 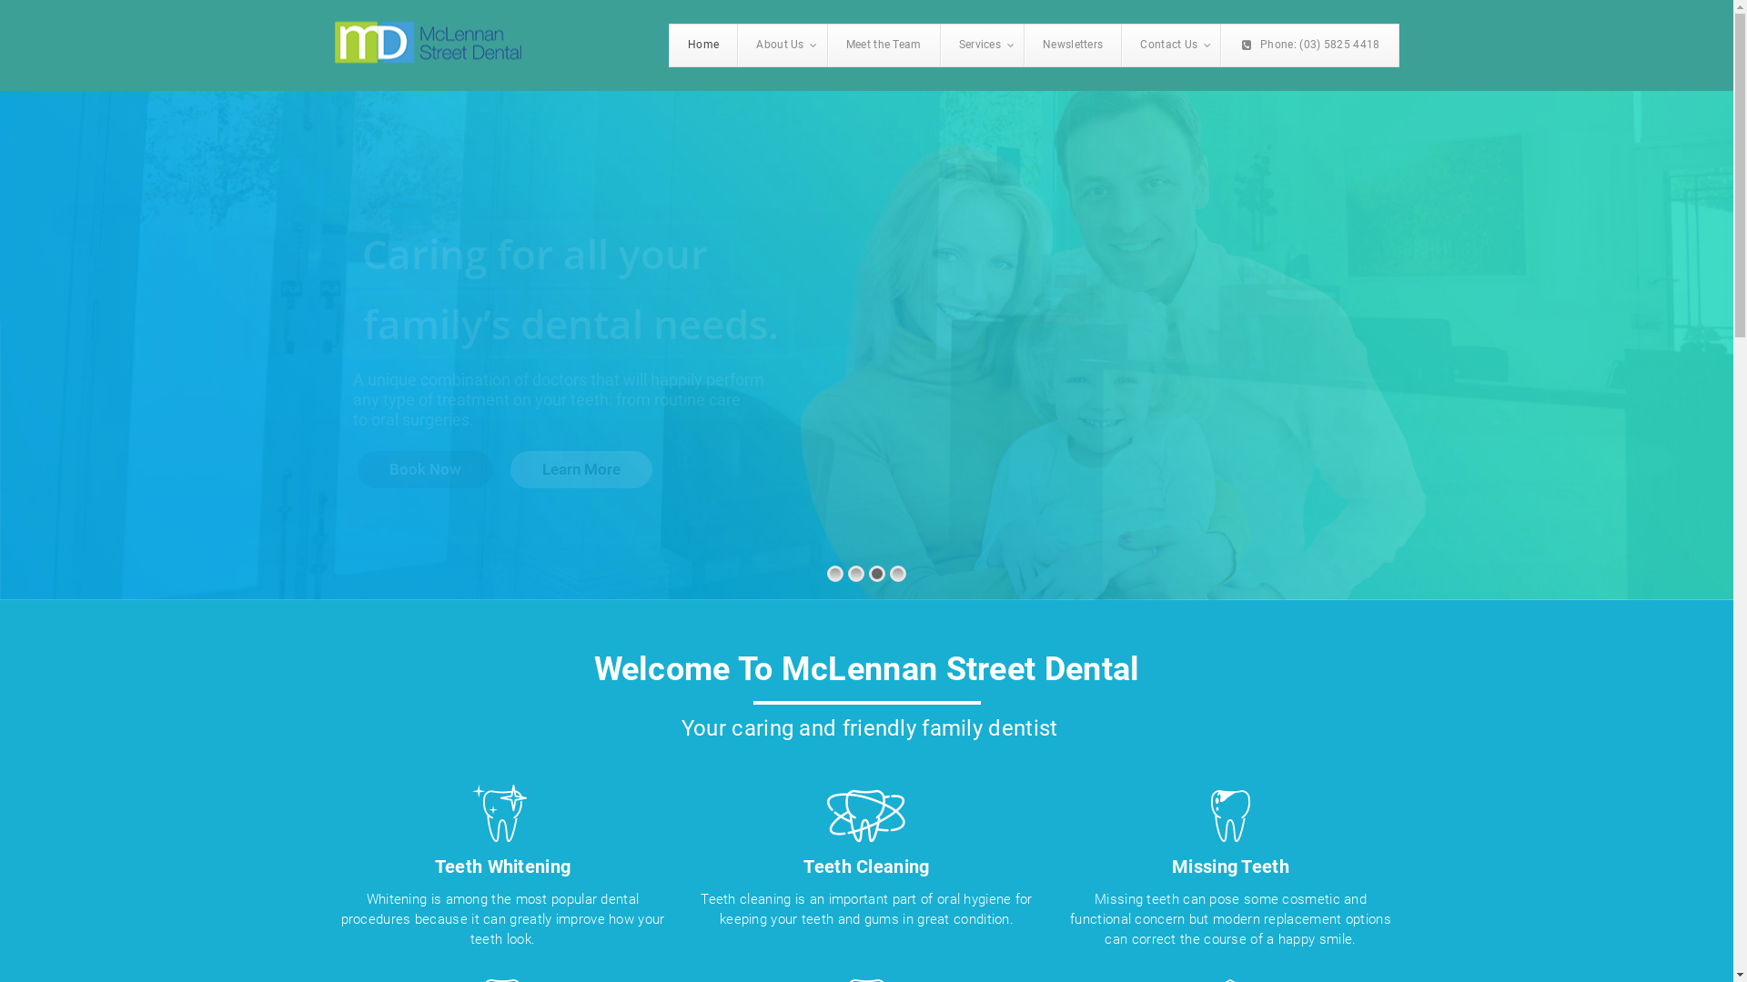 I want to click on 'Home', so click(x=702, y=45).